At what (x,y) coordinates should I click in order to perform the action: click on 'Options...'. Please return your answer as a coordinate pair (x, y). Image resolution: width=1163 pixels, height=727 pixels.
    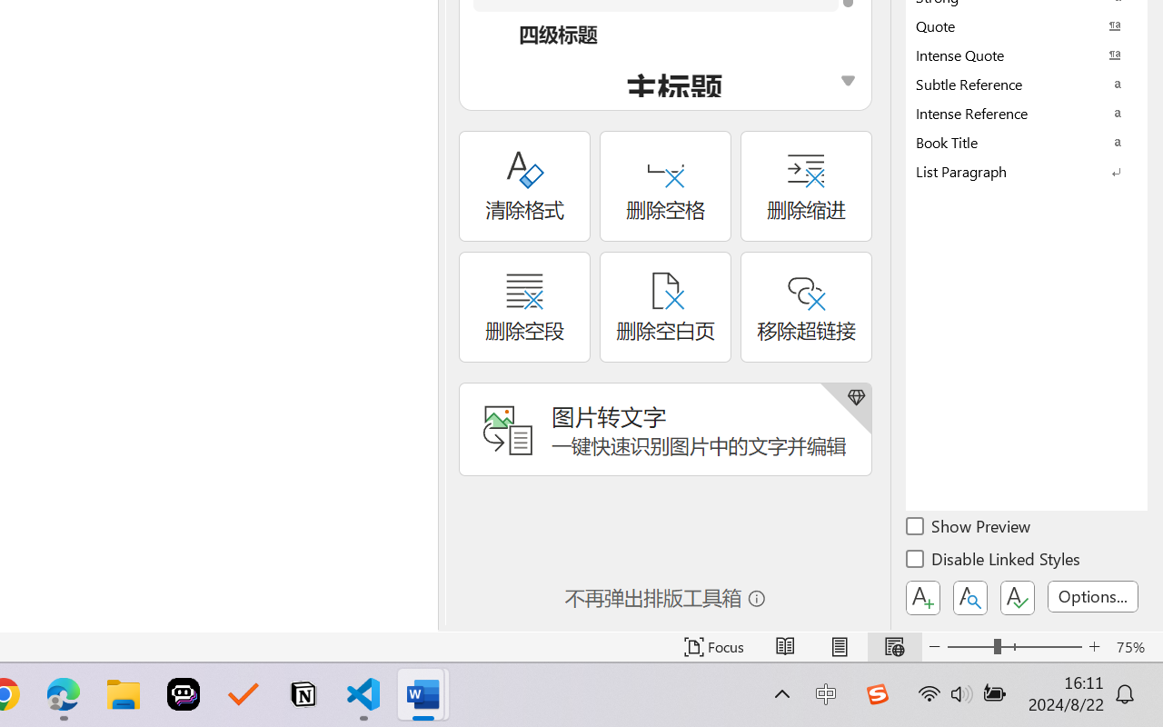
    Looking at the image, I should click on (1092, 595).